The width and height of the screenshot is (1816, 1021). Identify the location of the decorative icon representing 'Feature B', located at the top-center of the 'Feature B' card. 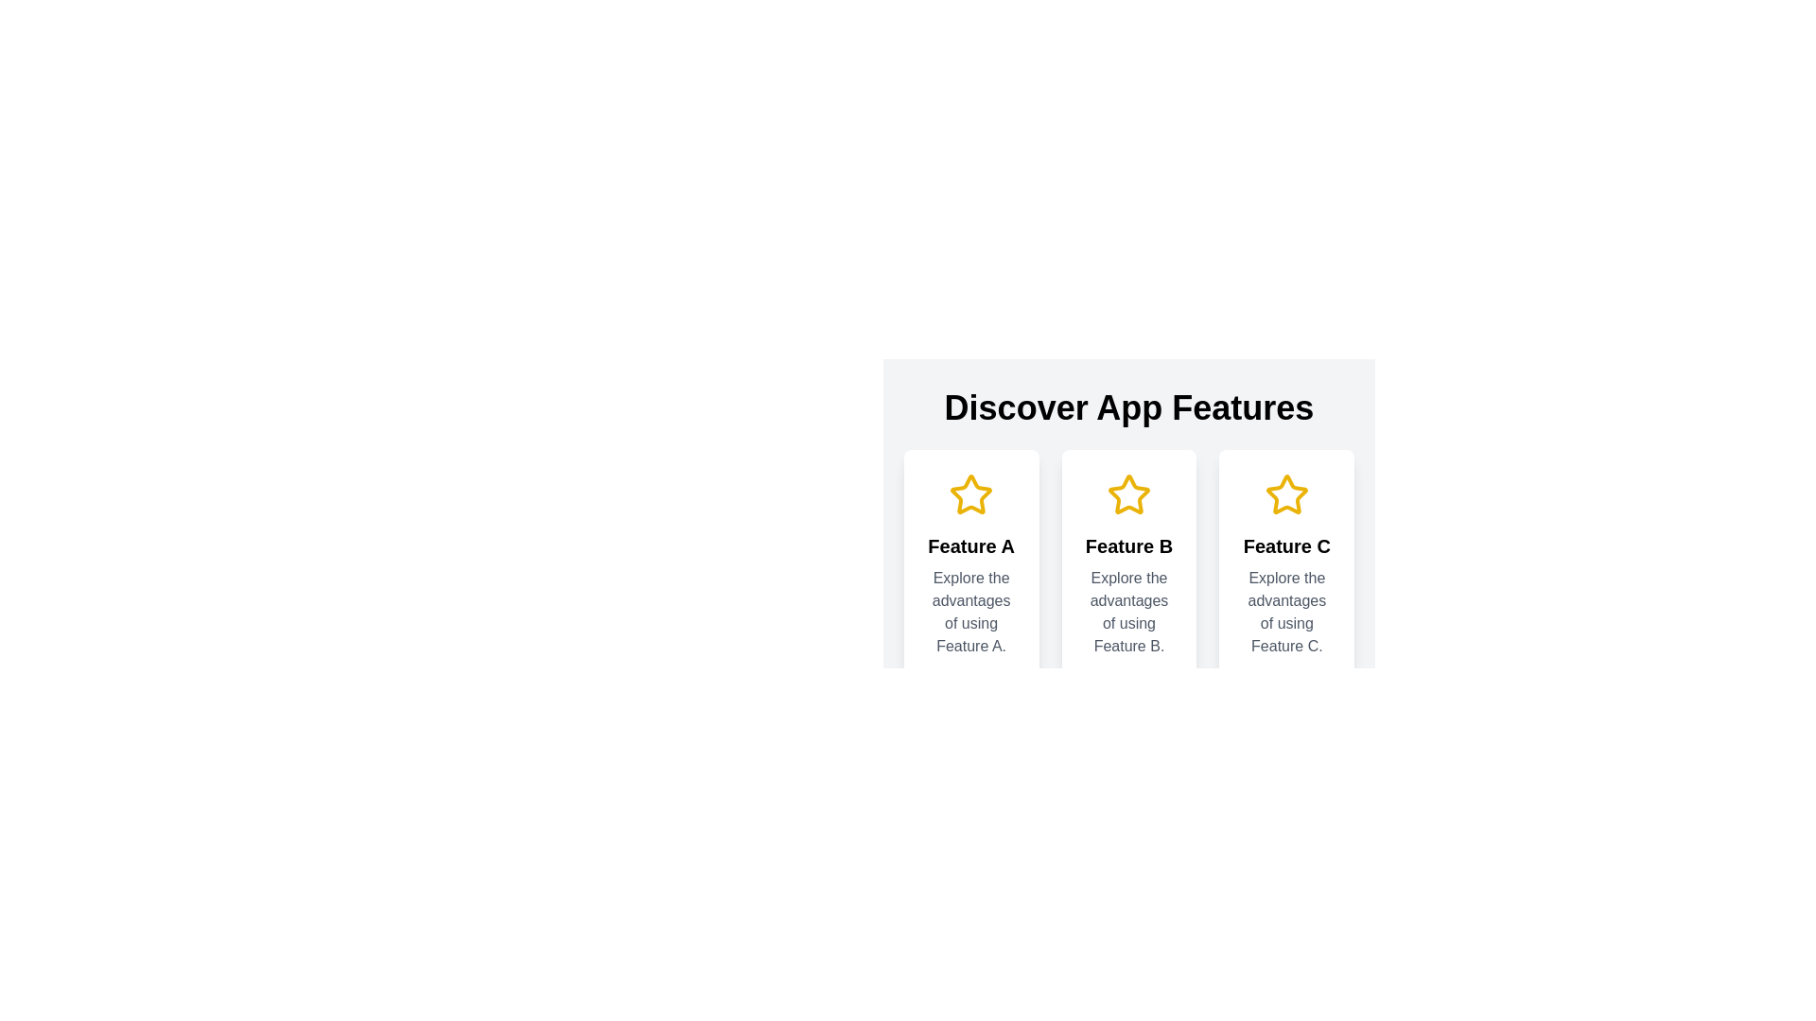
(1129, 494).